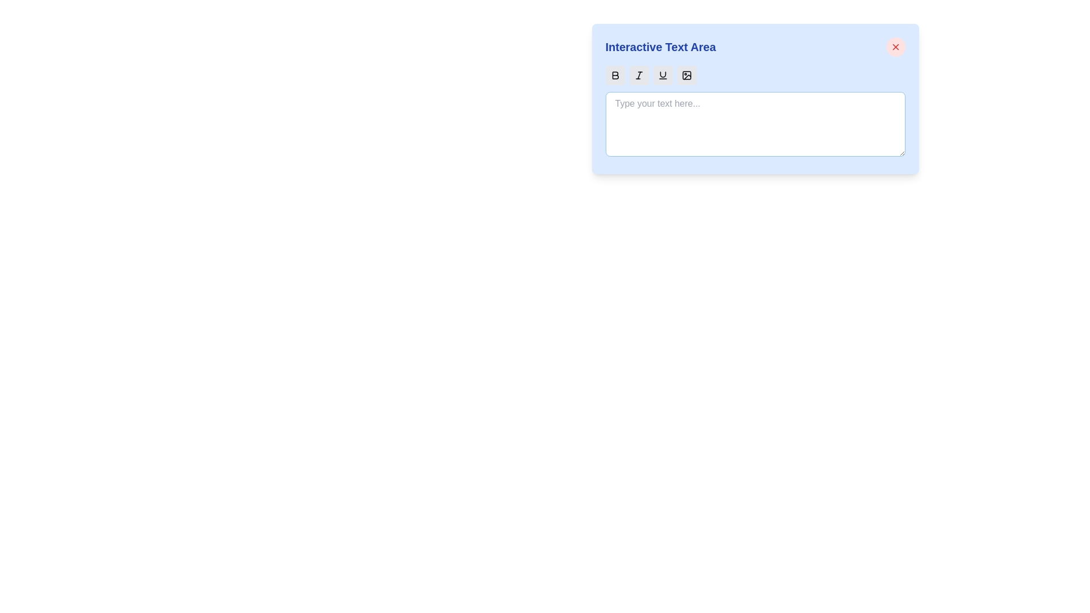 Image resolution: width=1090 pixels, height=613 pixels. I want to click on the small icon button resembling the letter 'B' in bold font style located in the toolbar section of the interactive text area widget to potentially see a tooltip with functionality description, so click(614, 75).